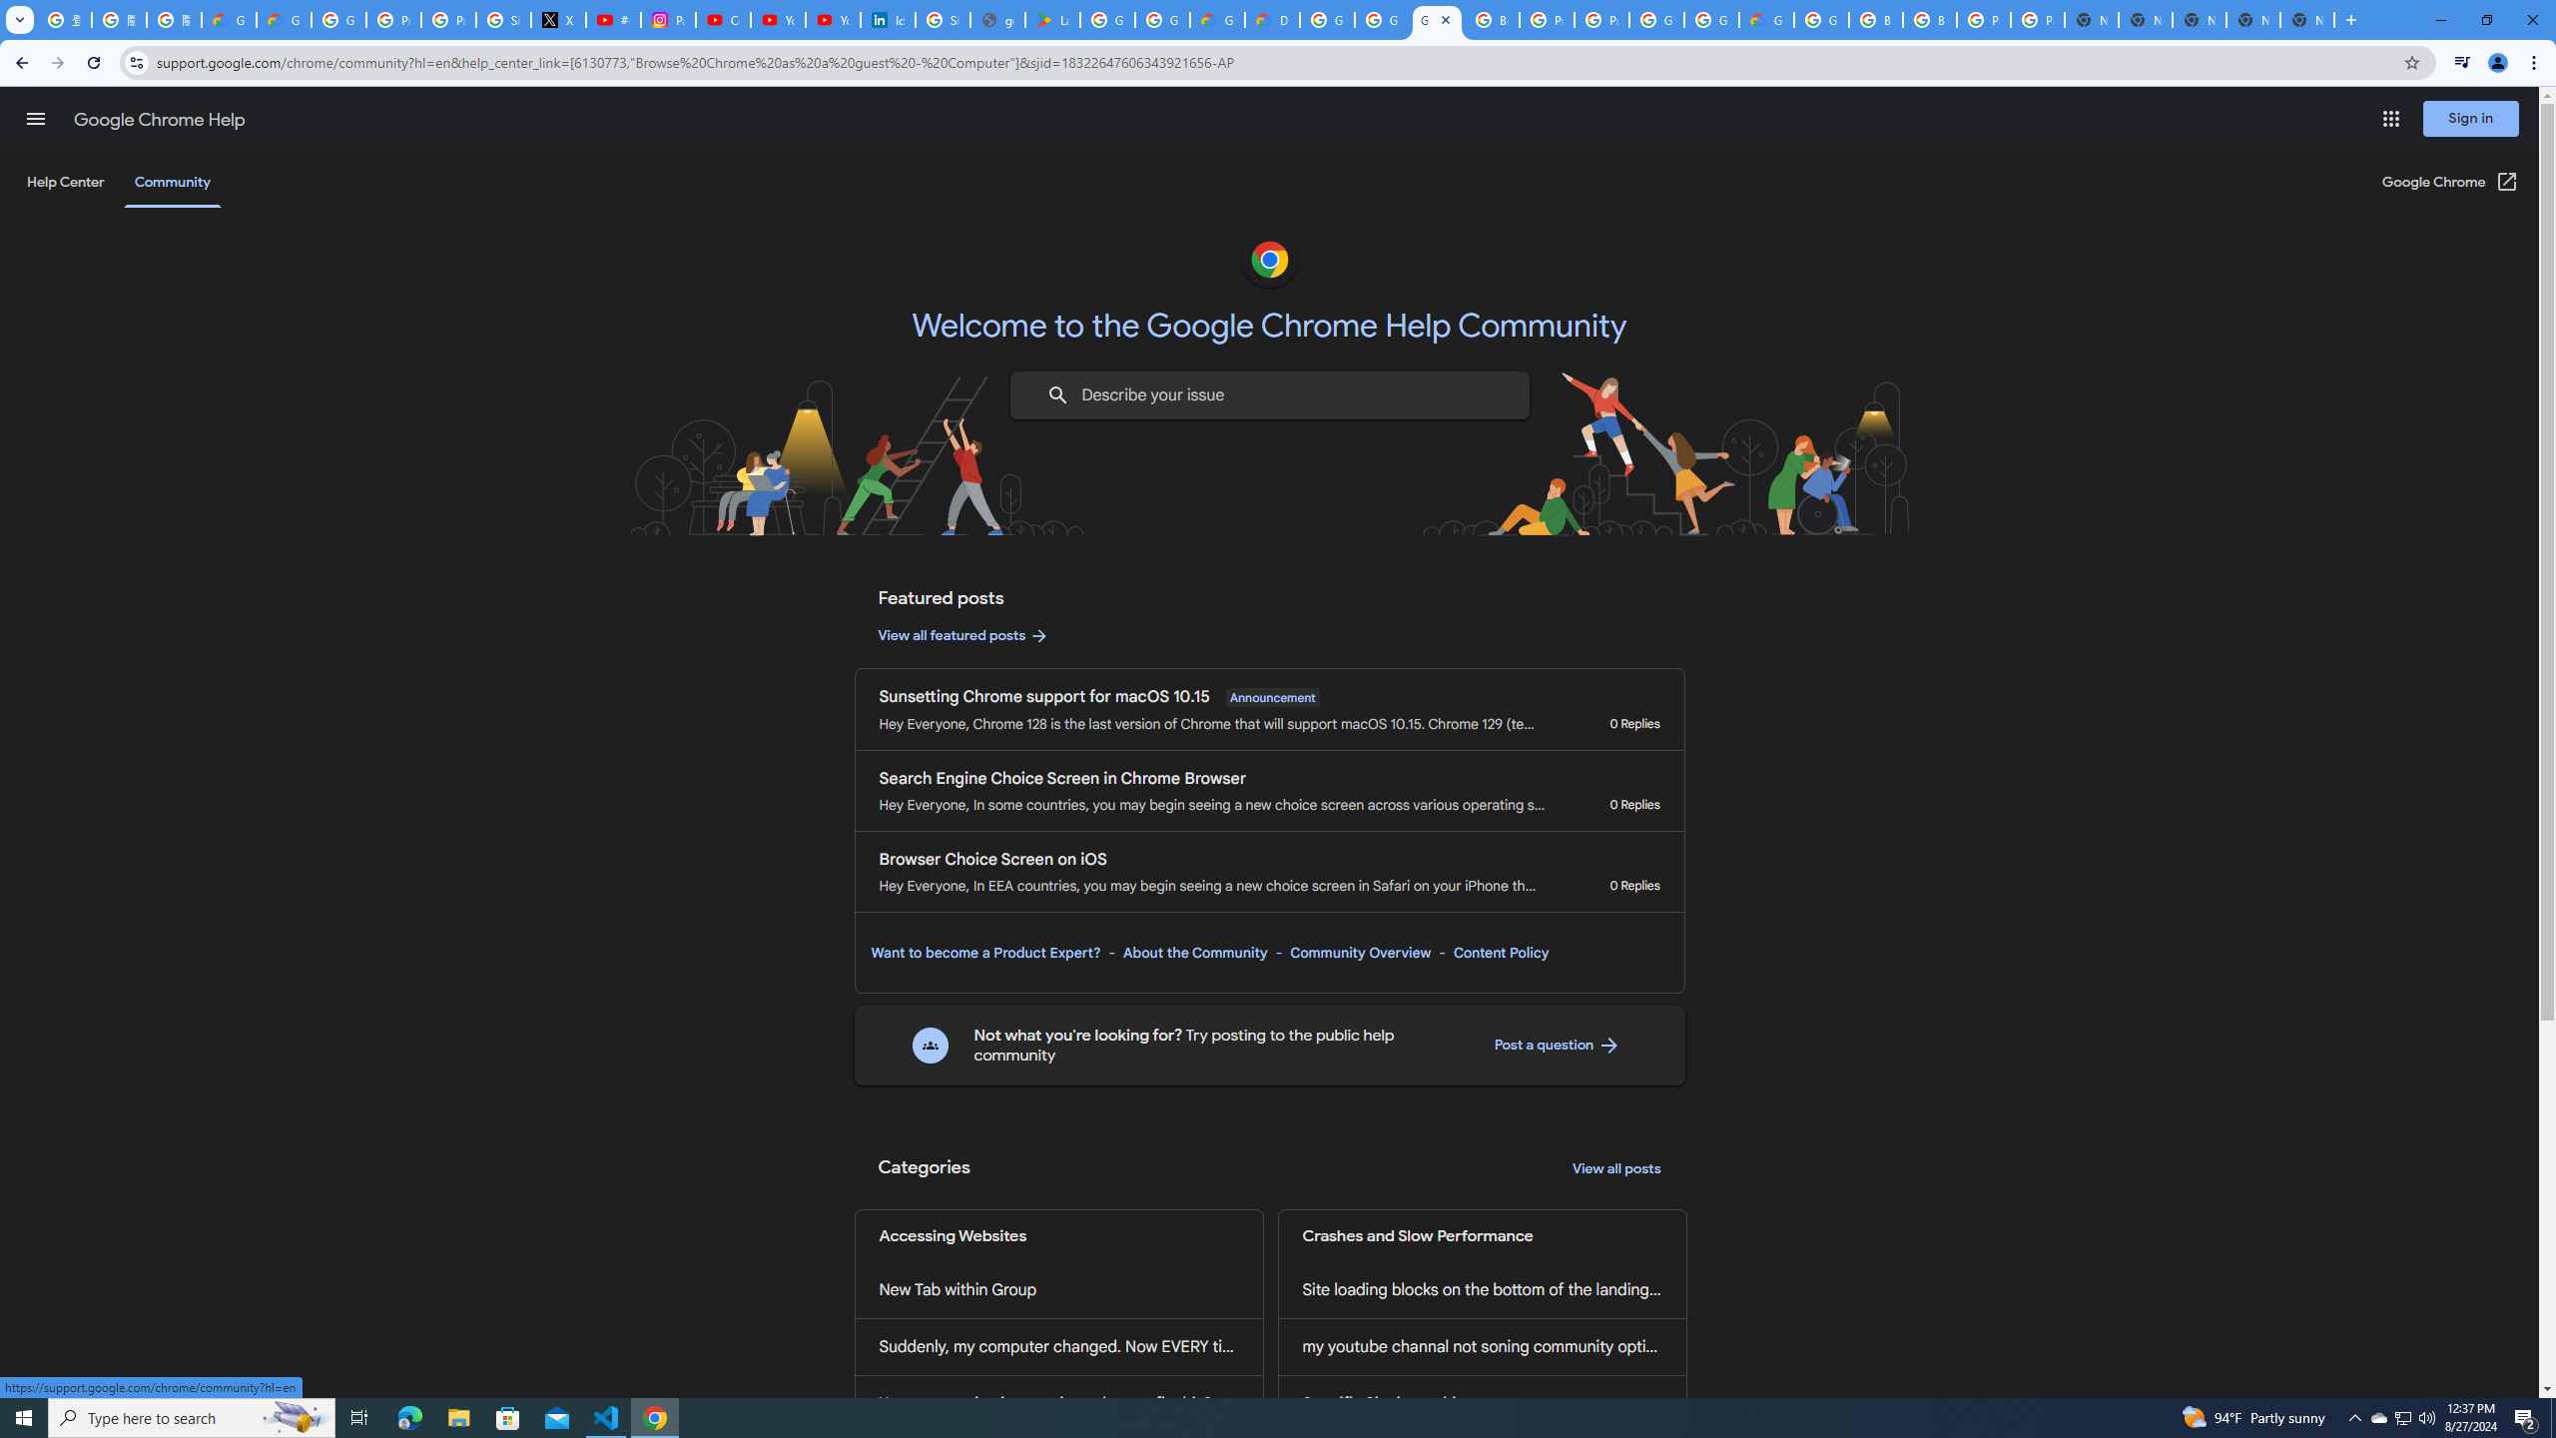 The width and height of the screenshot is (2556, 1438). Describe the element at coordinates (1929, 19) in the screenshot. I see `'Browse Chrome as a guest - Computer - Google Chrome Help'` at that location.